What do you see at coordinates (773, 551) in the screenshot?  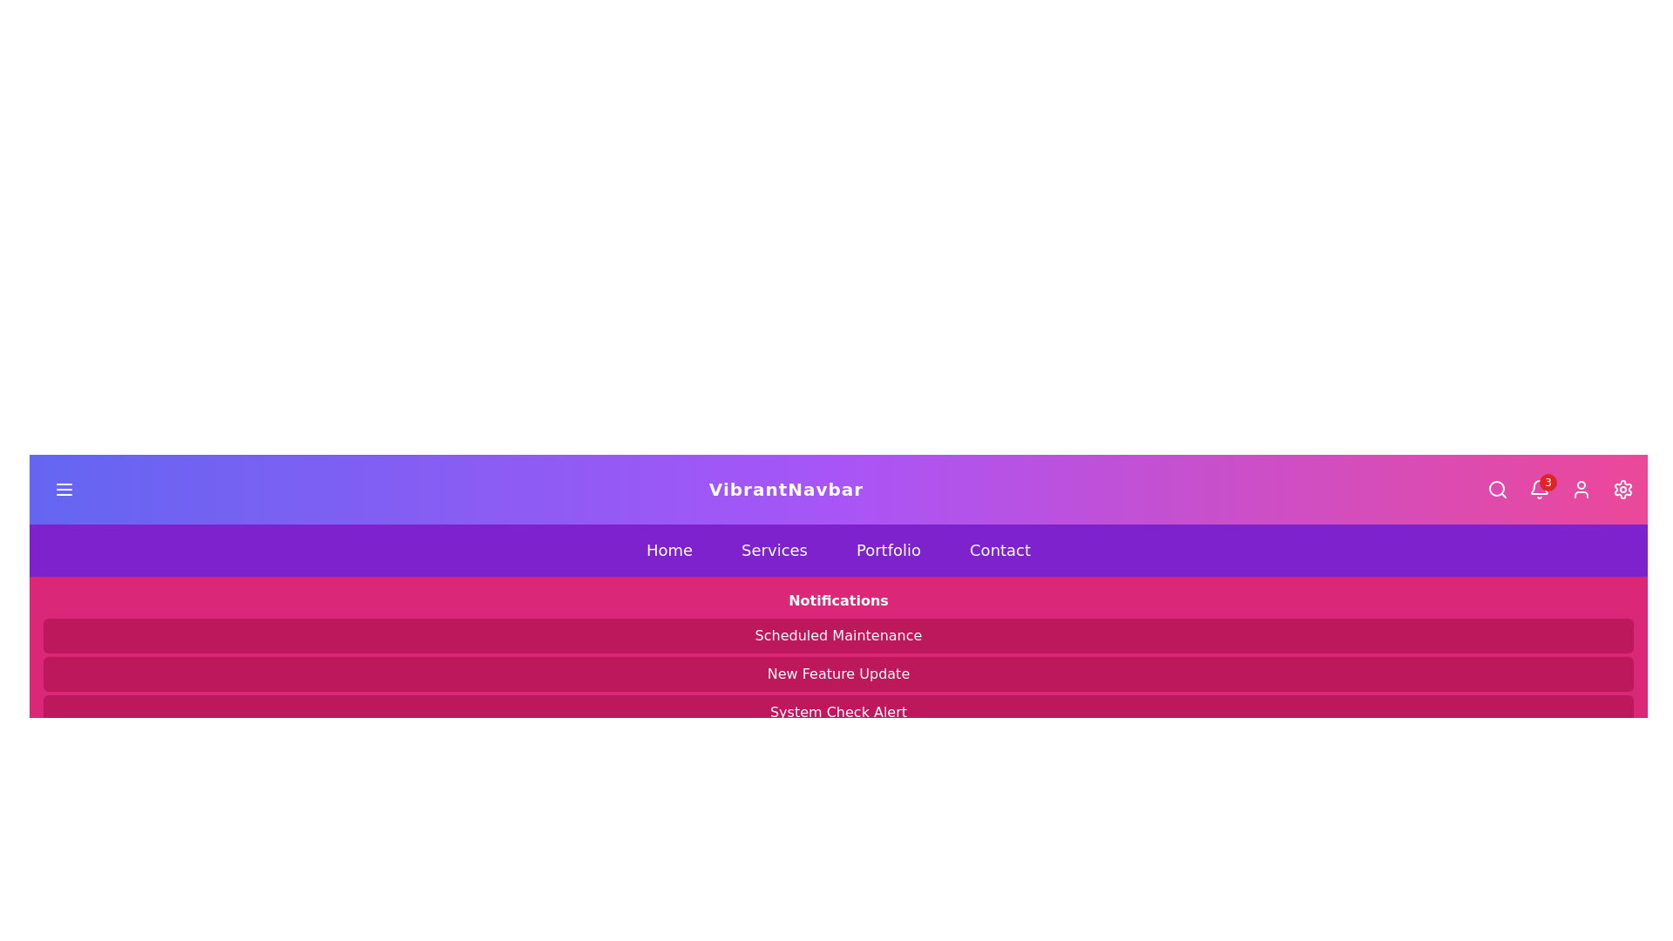 I see `the second button in the navbar, which redirects users to the 'Services' section, to trigger the visual hover effect` at bounding box center [773, 551].